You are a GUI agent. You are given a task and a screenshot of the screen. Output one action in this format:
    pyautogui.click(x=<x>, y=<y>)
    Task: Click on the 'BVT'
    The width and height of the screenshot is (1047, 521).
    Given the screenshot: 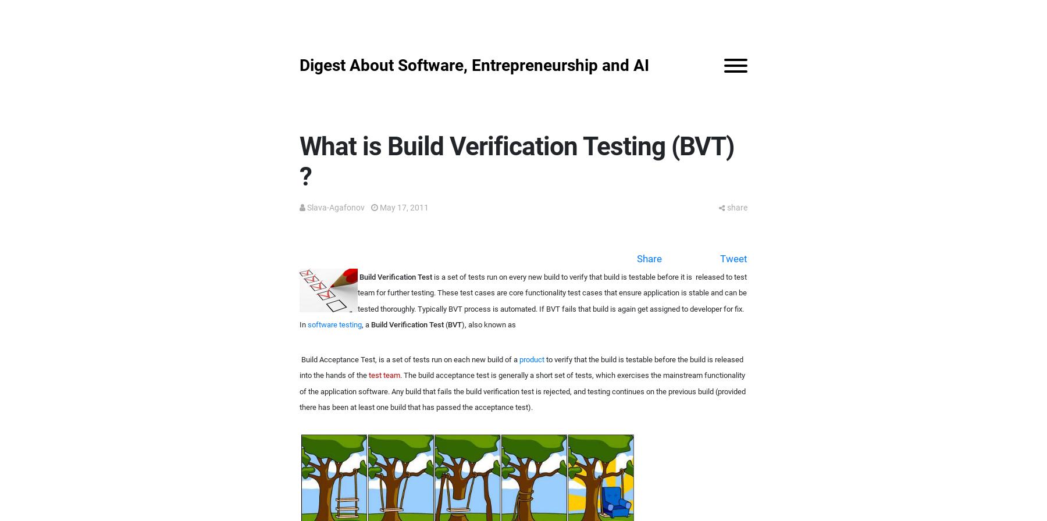 What is the action you would take?
    pyautogui.click(x=454, y=324)
    